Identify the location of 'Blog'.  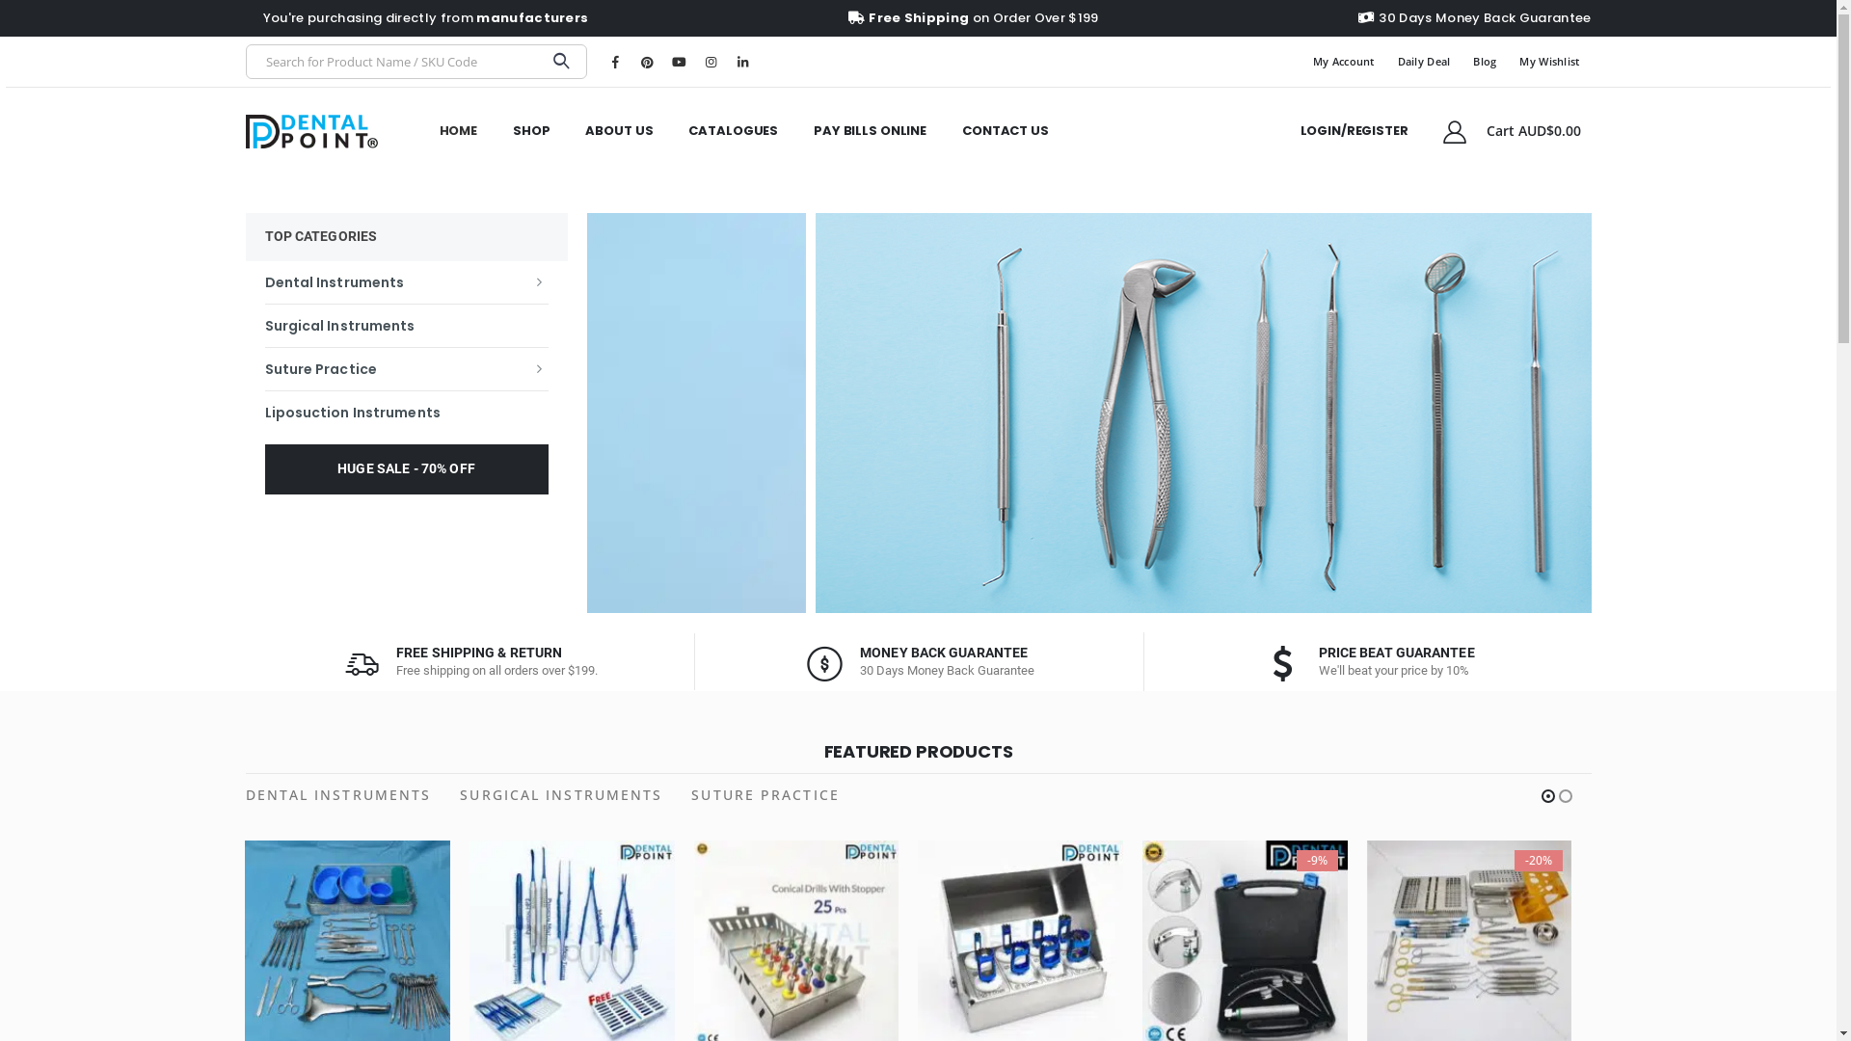
(1462, 61).